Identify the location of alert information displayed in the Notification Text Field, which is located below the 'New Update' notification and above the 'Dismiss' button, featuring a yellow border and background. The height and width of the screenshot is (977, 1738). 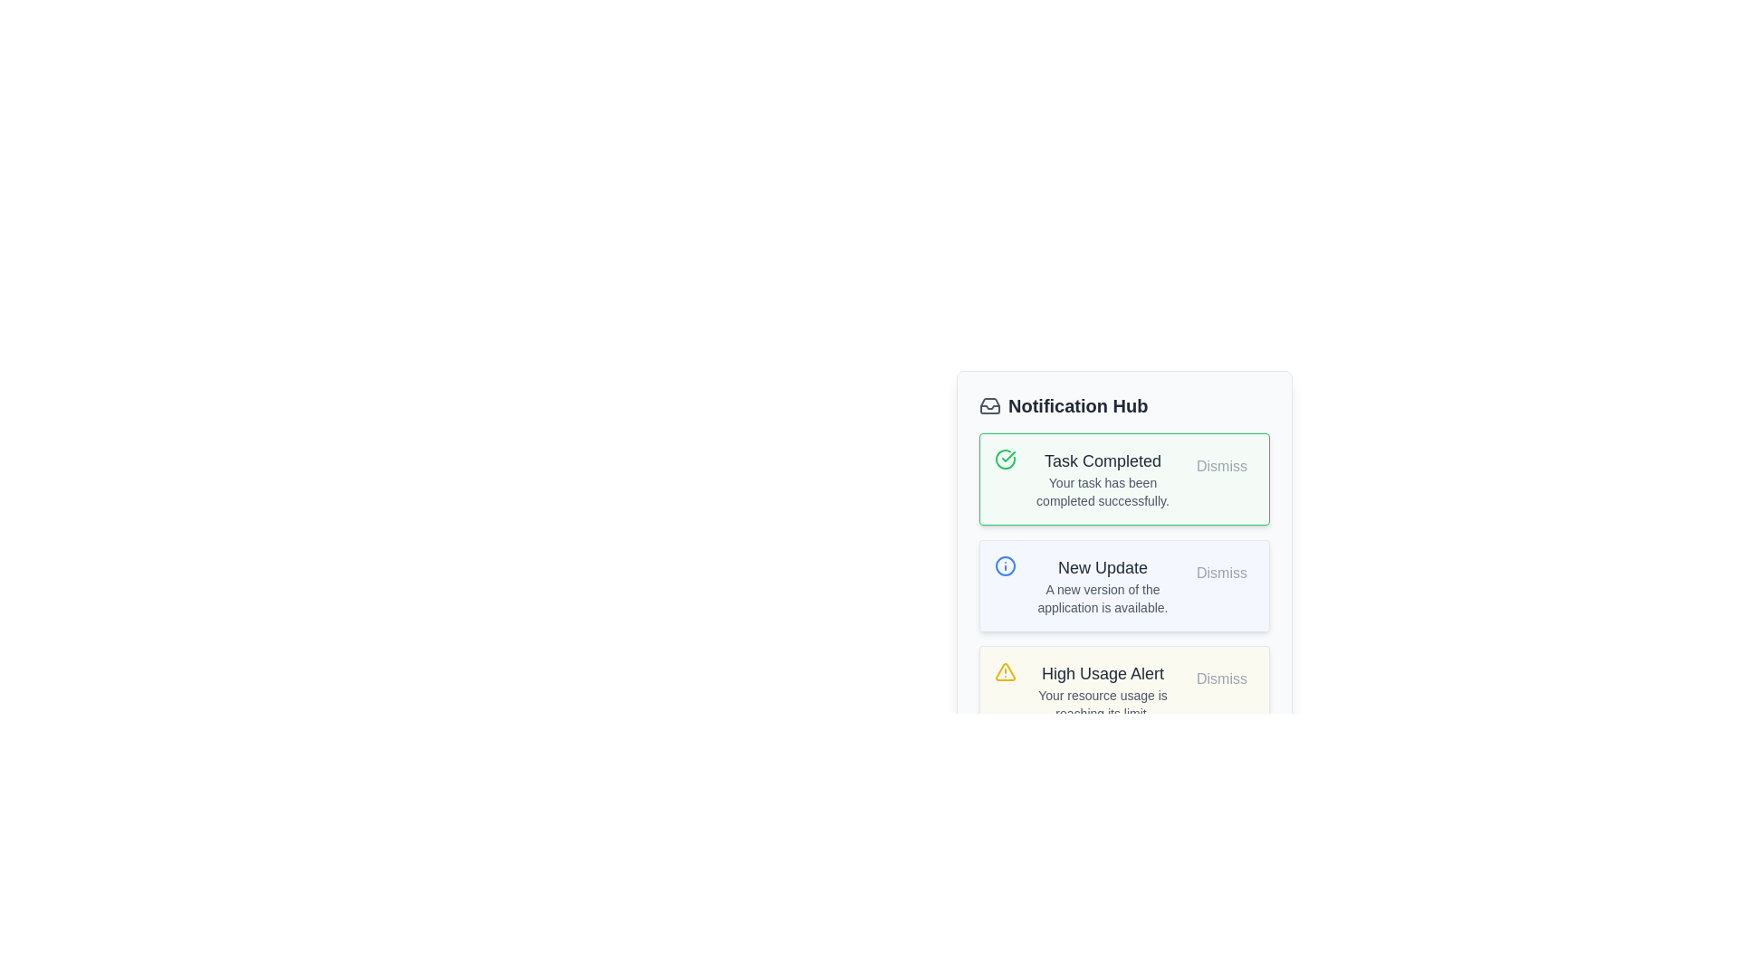
(1102, 691).